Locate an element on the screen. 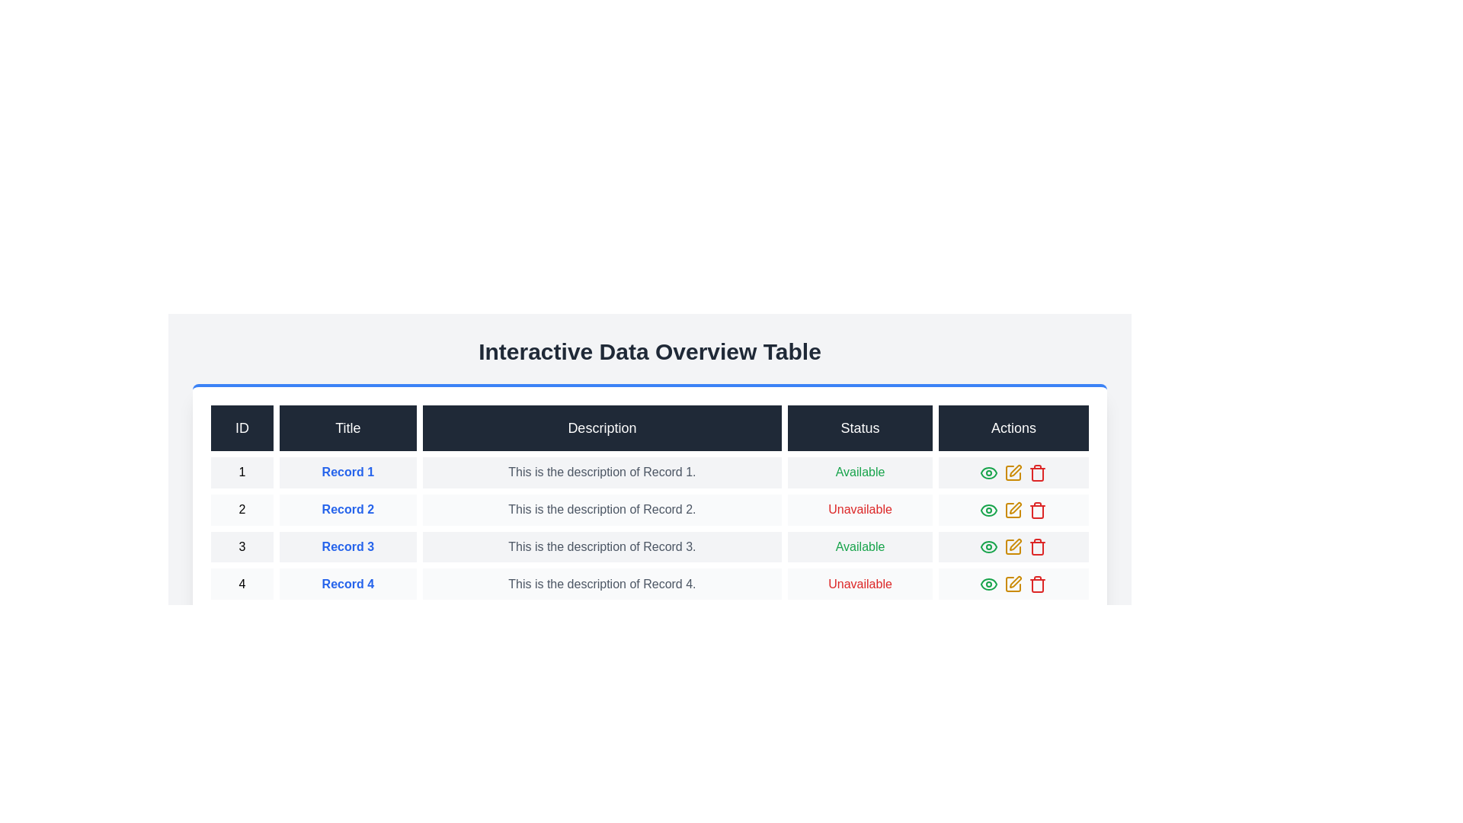  the column header Description to sort the table by that column is located at coordinates (601, 428).